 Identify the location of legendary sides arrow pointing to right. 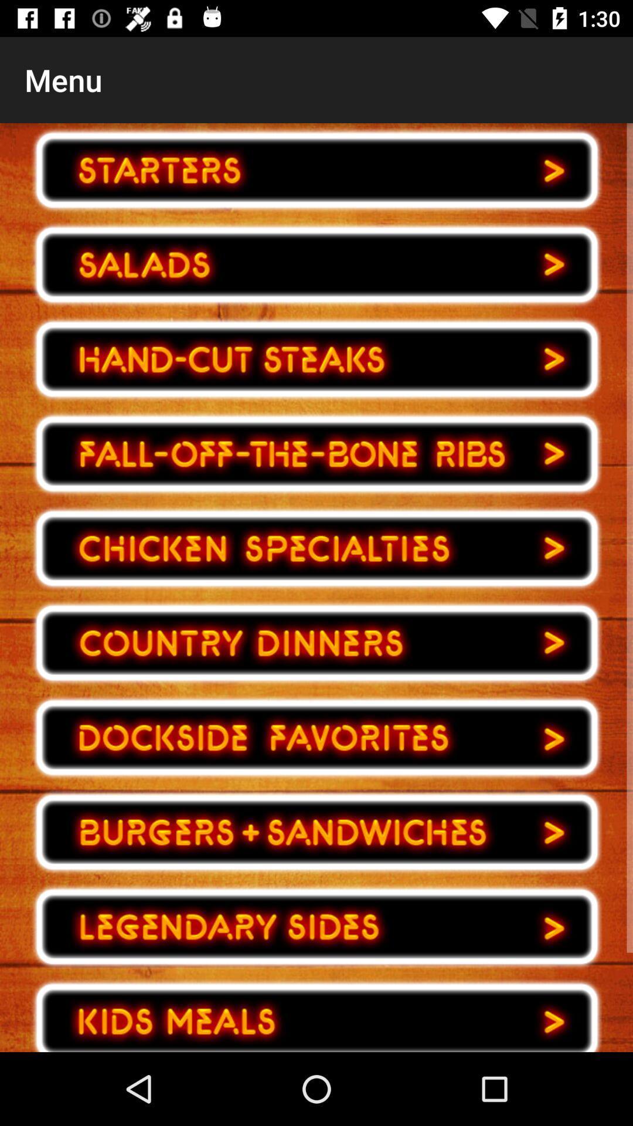
(316, 926).